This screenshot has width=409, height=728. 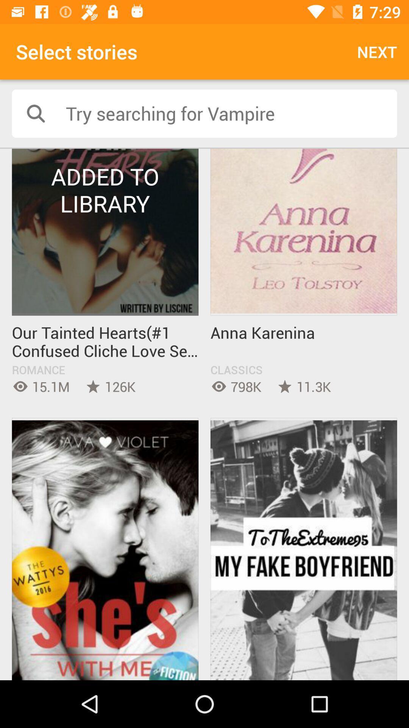 What do you see at coordinates (93, 386) in the screenshot?
I see `the star which is beside 126k` at bounding box center [93, 386].